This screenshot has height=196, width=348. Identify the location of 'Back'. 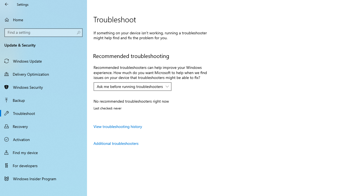
(7, 4).